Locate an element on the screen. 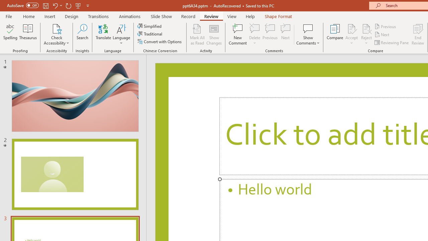 This screenshot has width=428, height=241. 'Previous' is located at coordinates (386, 26).